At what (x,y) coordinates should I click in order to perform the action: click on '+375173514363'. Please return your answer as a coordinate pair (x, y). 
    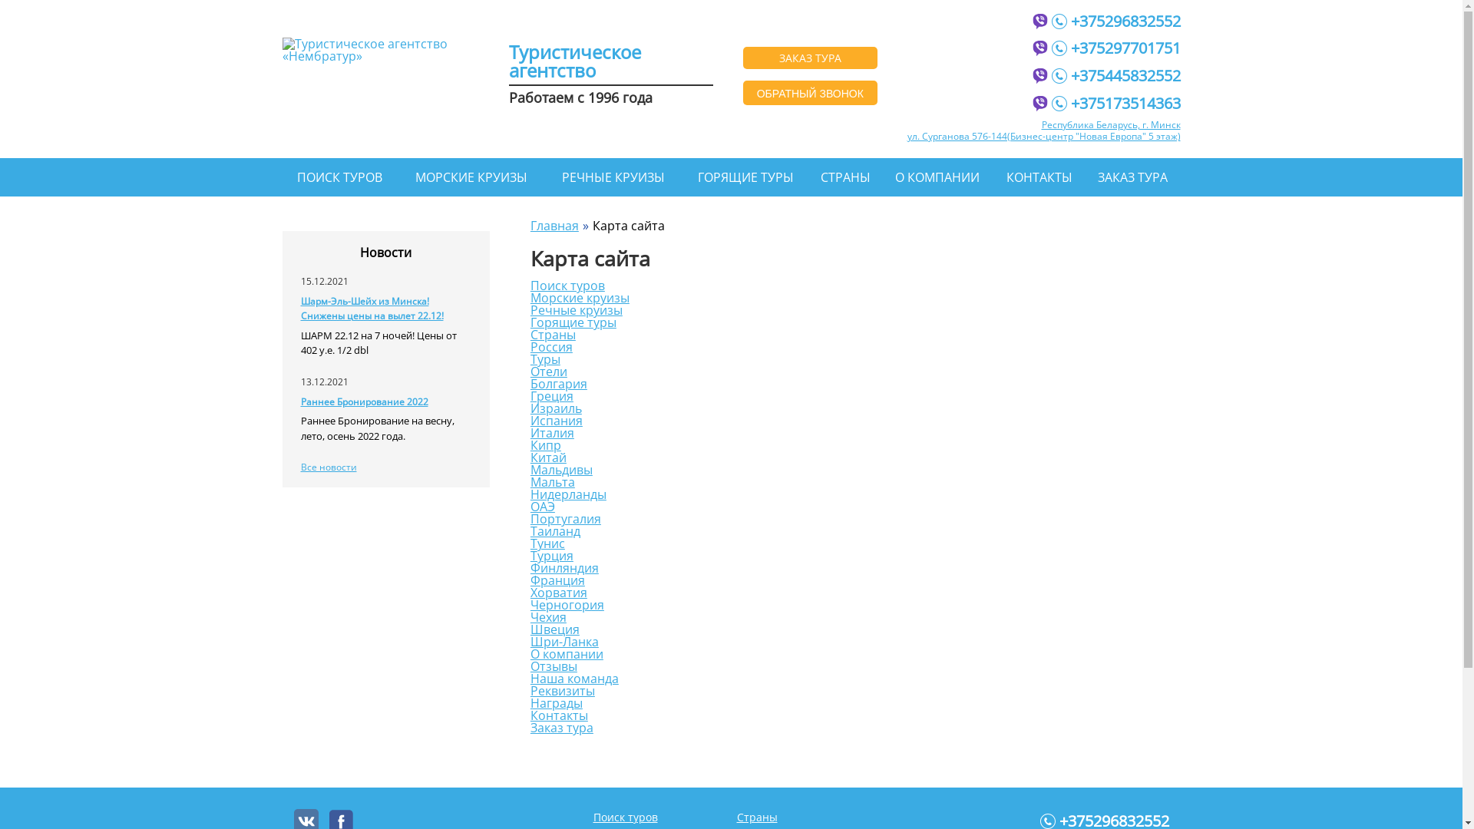
    Looking at the image, I should click on (1116, 101).